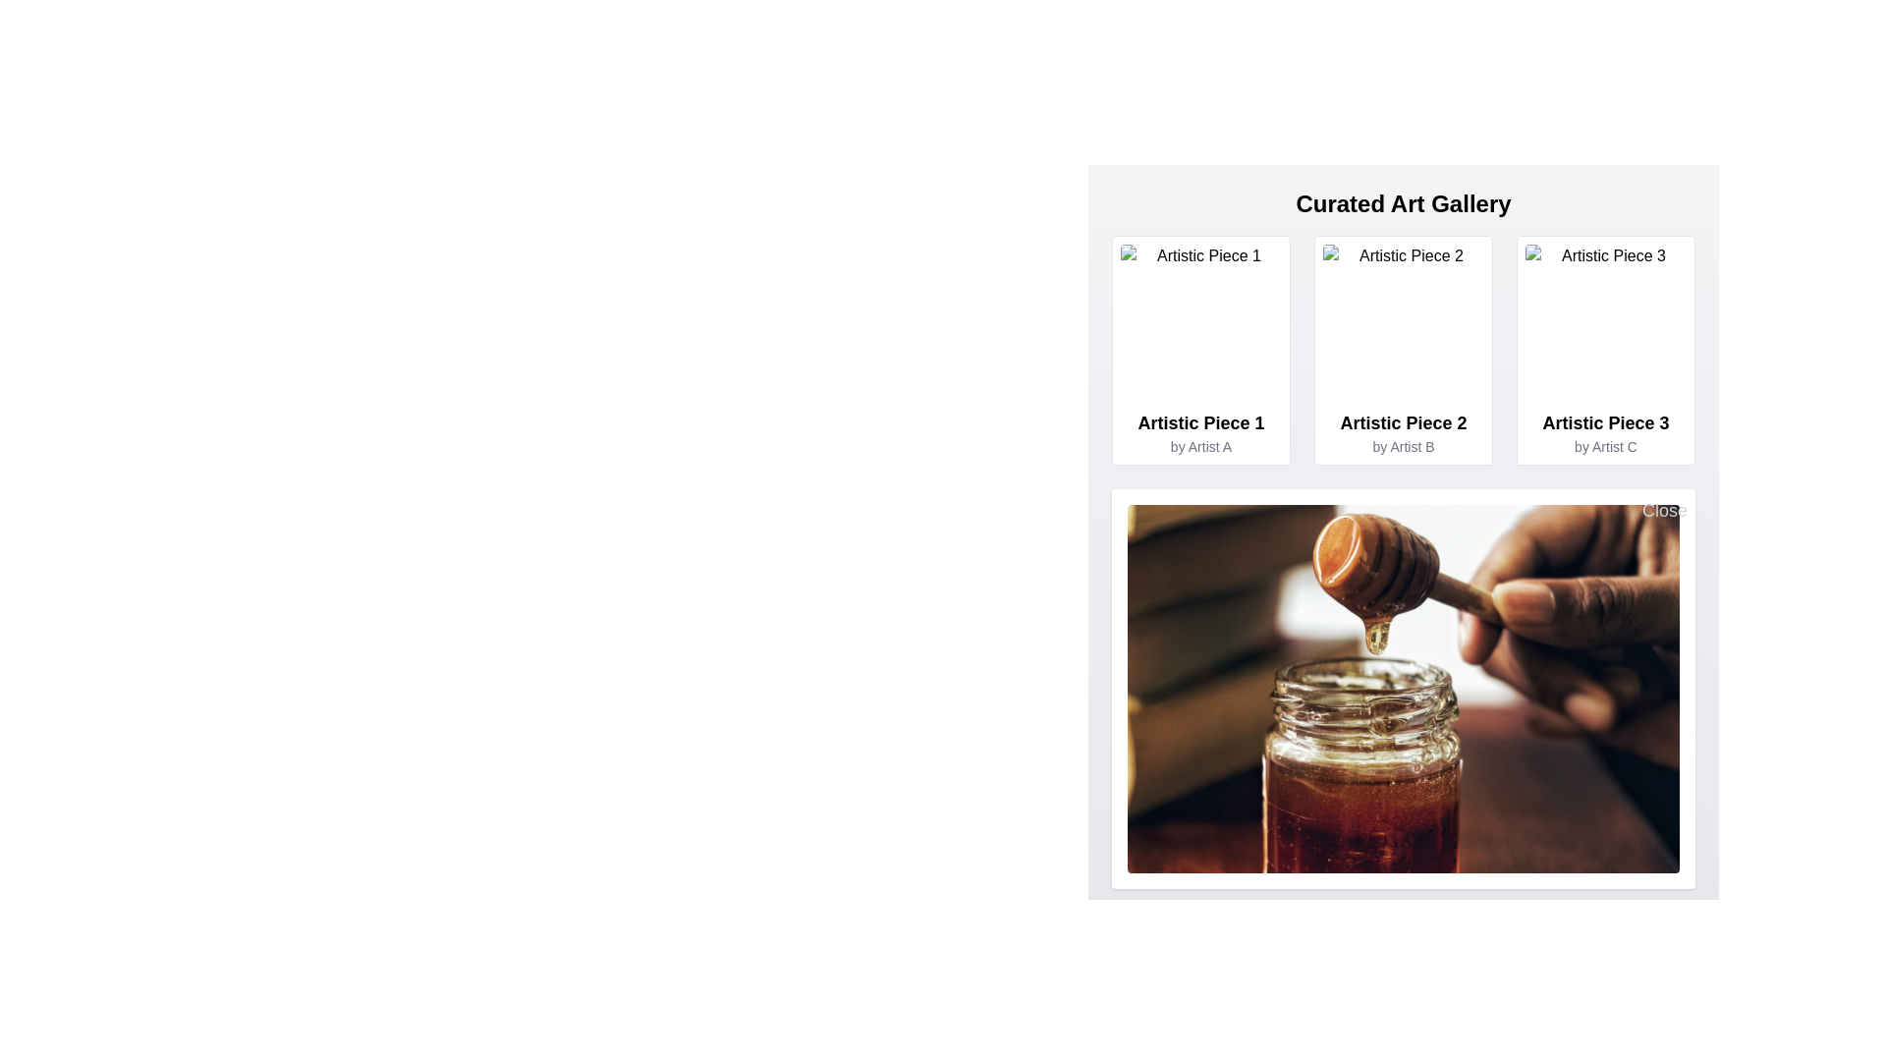  I want to click on the attribution label for 'Artist C' located beneath the title 'Artistic Piece 3' within the rightmost card of the 'Curated Art Gallery' section, so click(1606, 447).